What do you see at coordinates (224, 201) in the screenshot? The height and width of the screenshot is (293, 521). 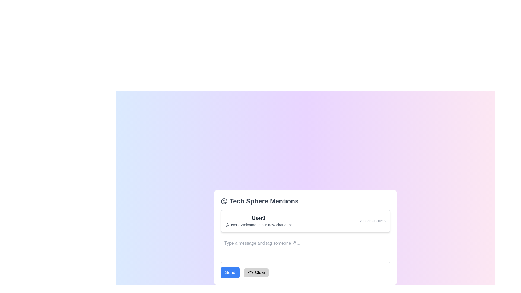 I see `the circular '@' symbol icon located to the left of the 'Tech Sphere Mentions' text` at bounding box center [224, 201].